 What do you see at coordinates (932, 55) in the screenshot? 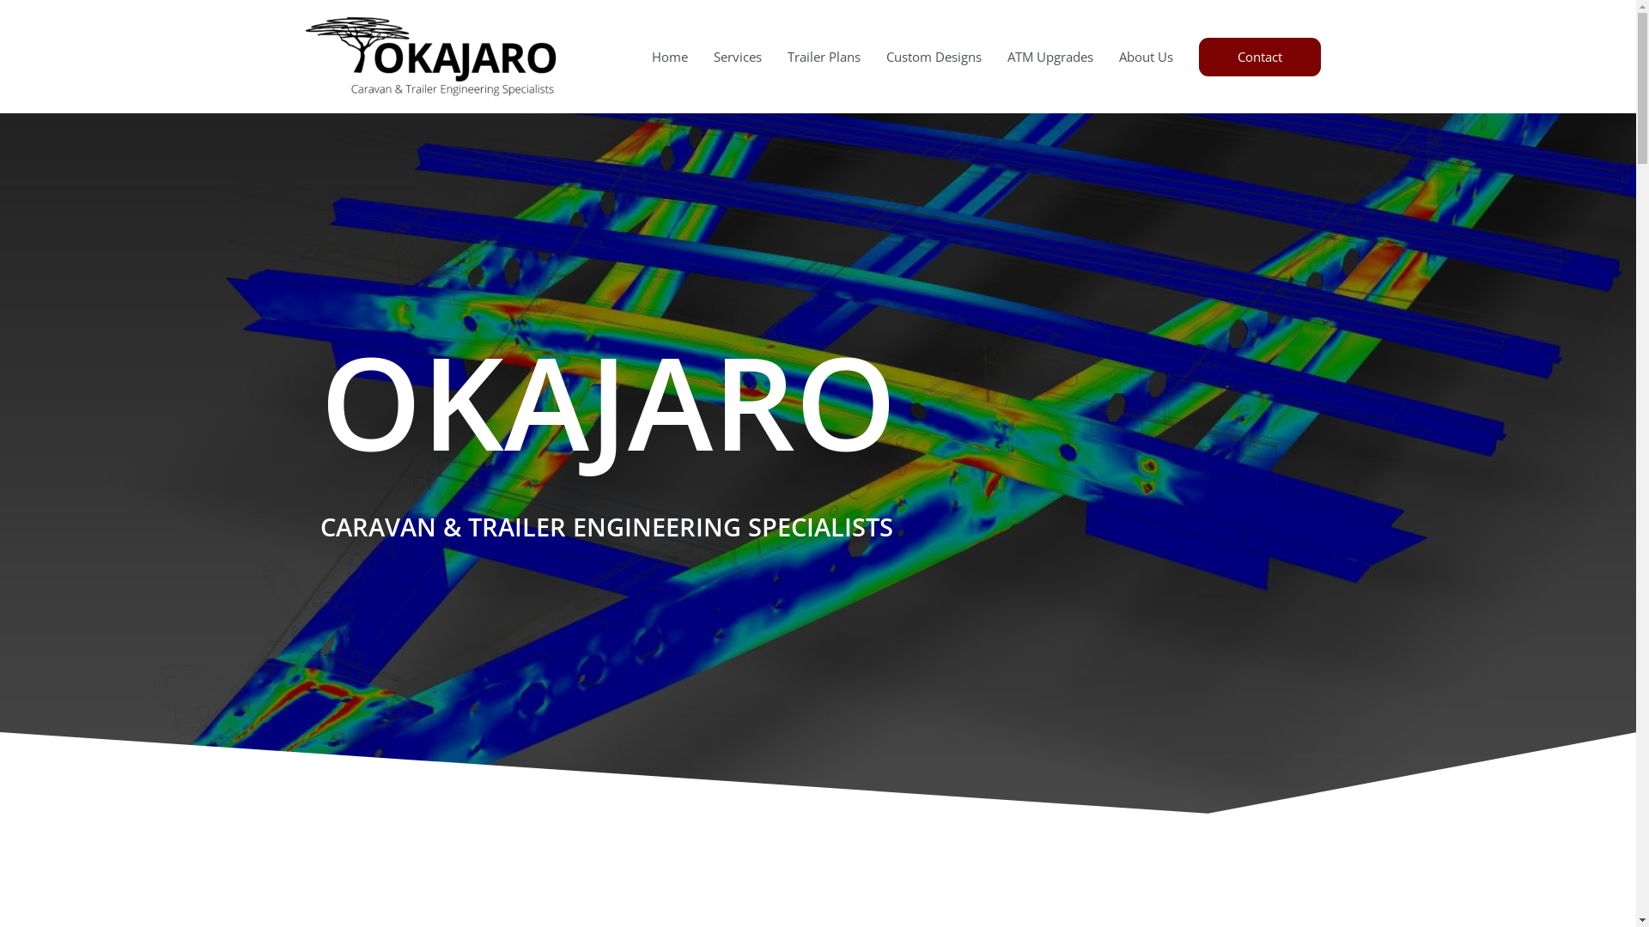
I see `'Custom Designs'` at bounding box center [932, 55].